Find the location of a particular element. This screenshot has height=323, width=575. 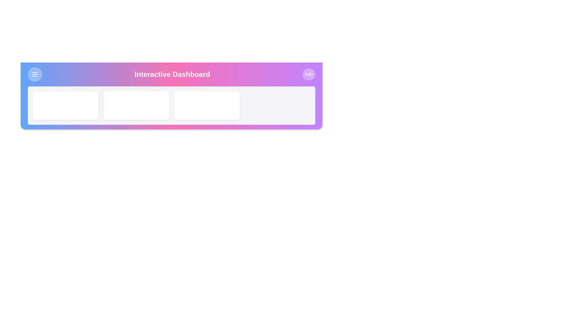

'Info' button located in the top-right corner of the InteractiveAppBar is located at coordinates (309, 74).